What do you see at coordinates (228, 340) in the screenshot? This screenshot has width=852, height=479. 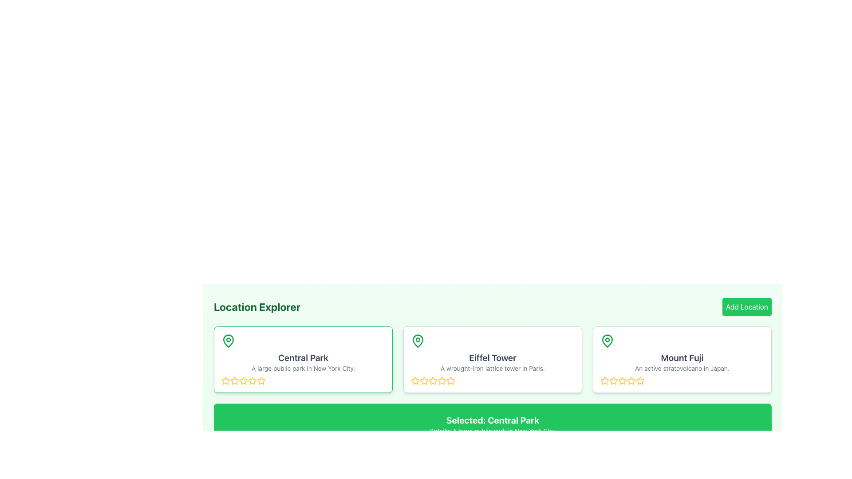 I see `the green heart-shaped pin icon located at the upper left section of the 'Central Park' card` at bounding box center [228, 340].